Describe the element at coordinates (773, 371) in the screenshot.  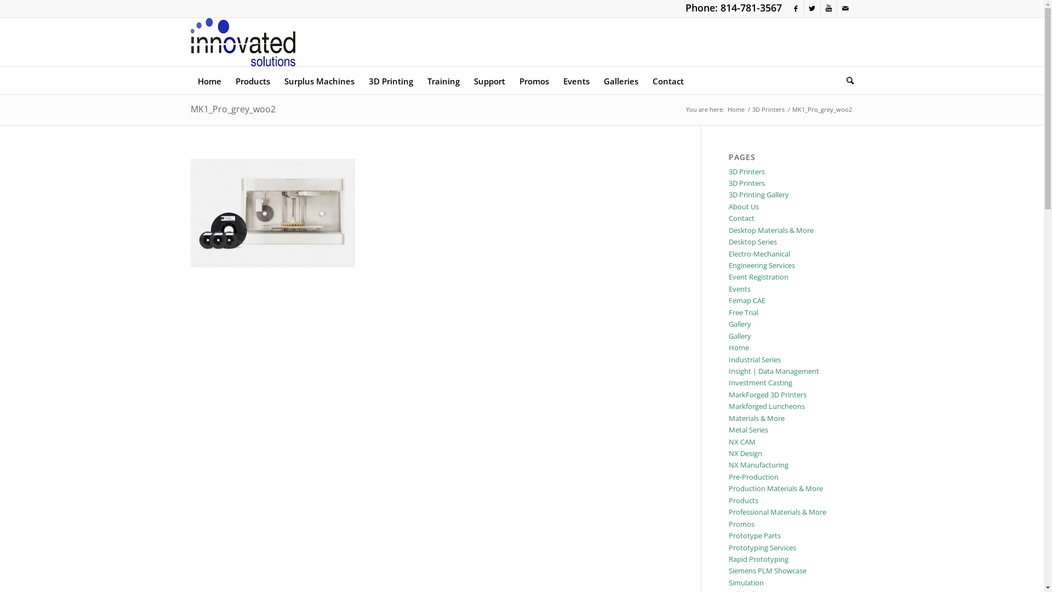
I see `'Insight | Data Management'` at that location.